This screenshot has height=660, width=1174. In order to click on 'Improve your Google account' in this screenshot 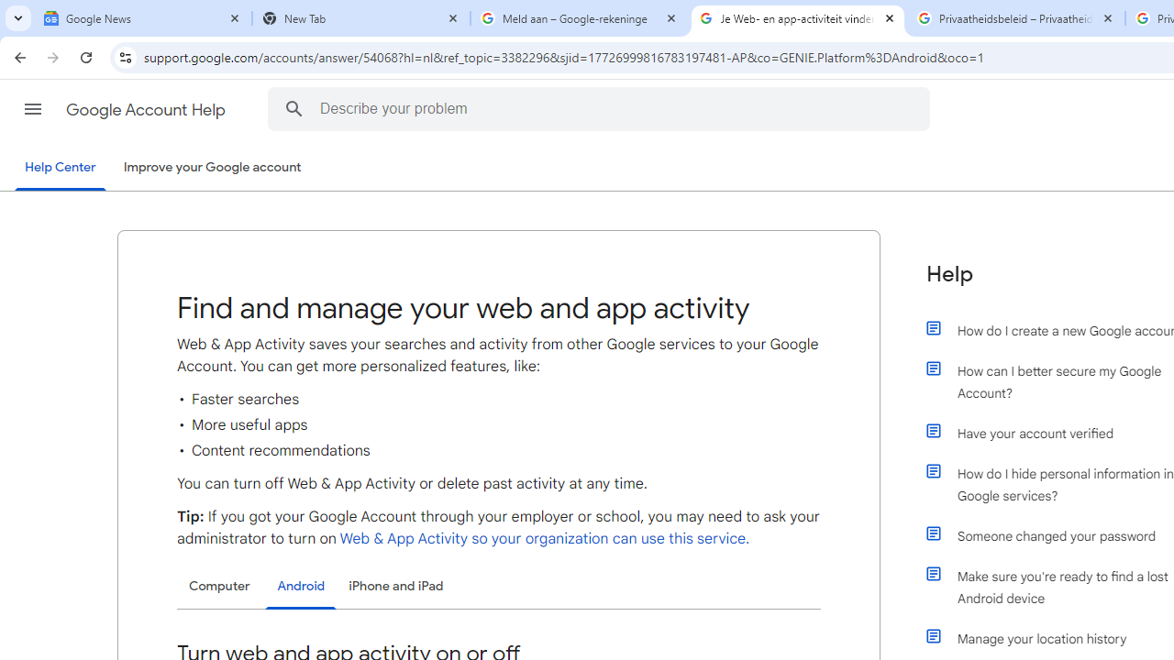, I will do `click(212, 168)`.